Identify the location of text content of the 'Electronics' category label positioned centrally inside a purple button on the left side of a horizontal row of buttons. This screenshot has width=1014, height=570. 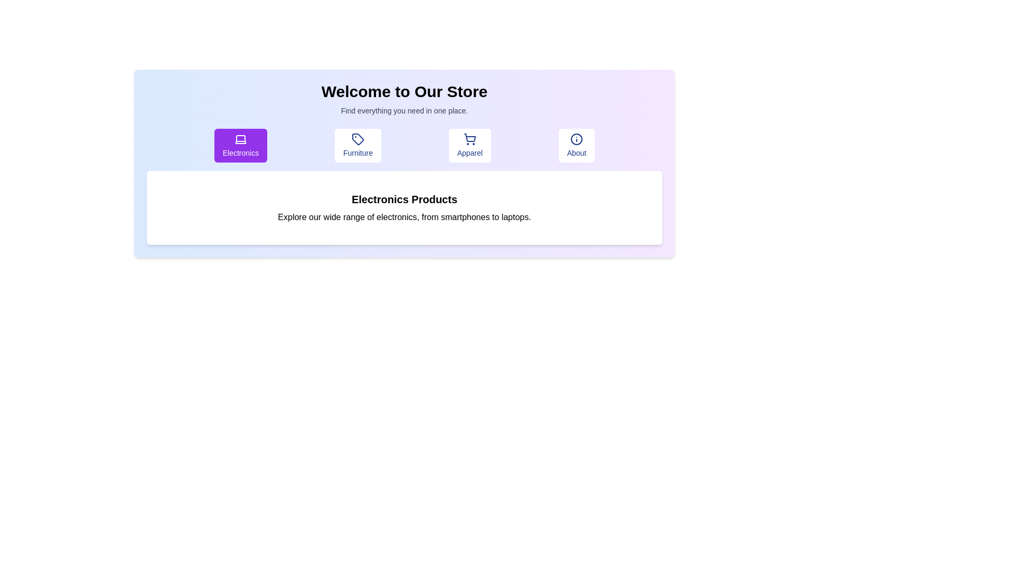
(240, 153).